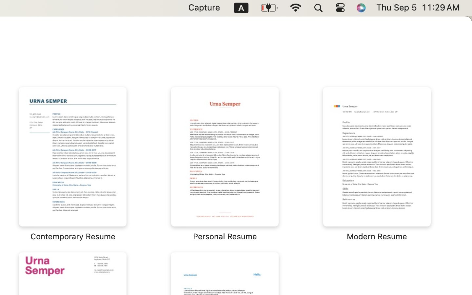 This screenshot has height=295, width=472. What do you see at coordinates (225, 164) in the screenshot?
I see `'‎⁨Personal Resume⁩'` at bounding box center [225, 164].